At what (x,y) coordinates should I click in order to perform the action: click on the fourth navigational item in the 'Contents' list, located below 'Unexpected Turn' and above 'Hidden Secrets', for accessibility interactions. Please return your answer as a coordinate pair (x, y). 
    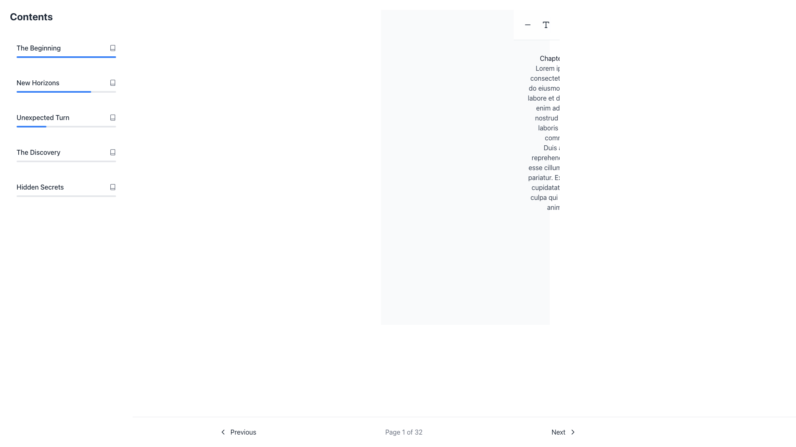
    Looking at the image, I should click on (66, 155).